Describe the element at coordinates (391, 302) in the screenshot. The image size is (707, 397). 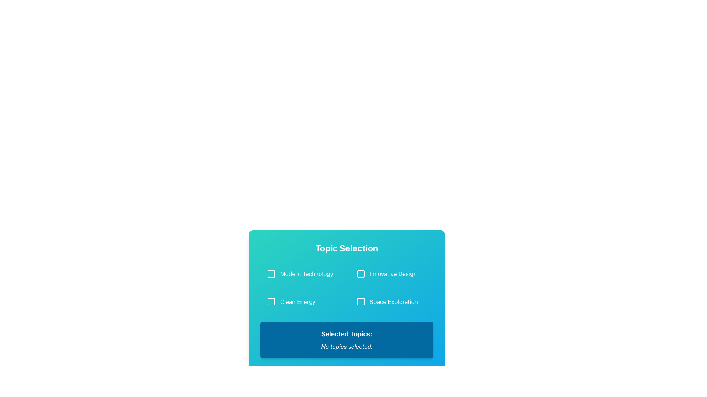
I see `the 'Space Exploration' checkbox option located in the second row, right column of a 2x2 grid of selectable topics` at that location.